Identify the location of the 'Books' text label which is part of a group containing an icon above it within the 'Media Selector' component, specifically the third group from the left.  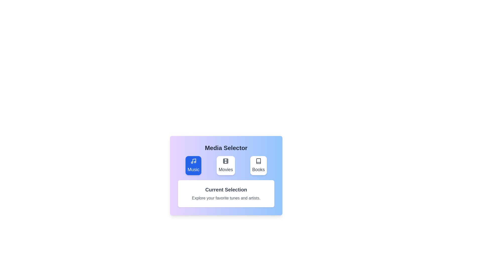
(258, 169).